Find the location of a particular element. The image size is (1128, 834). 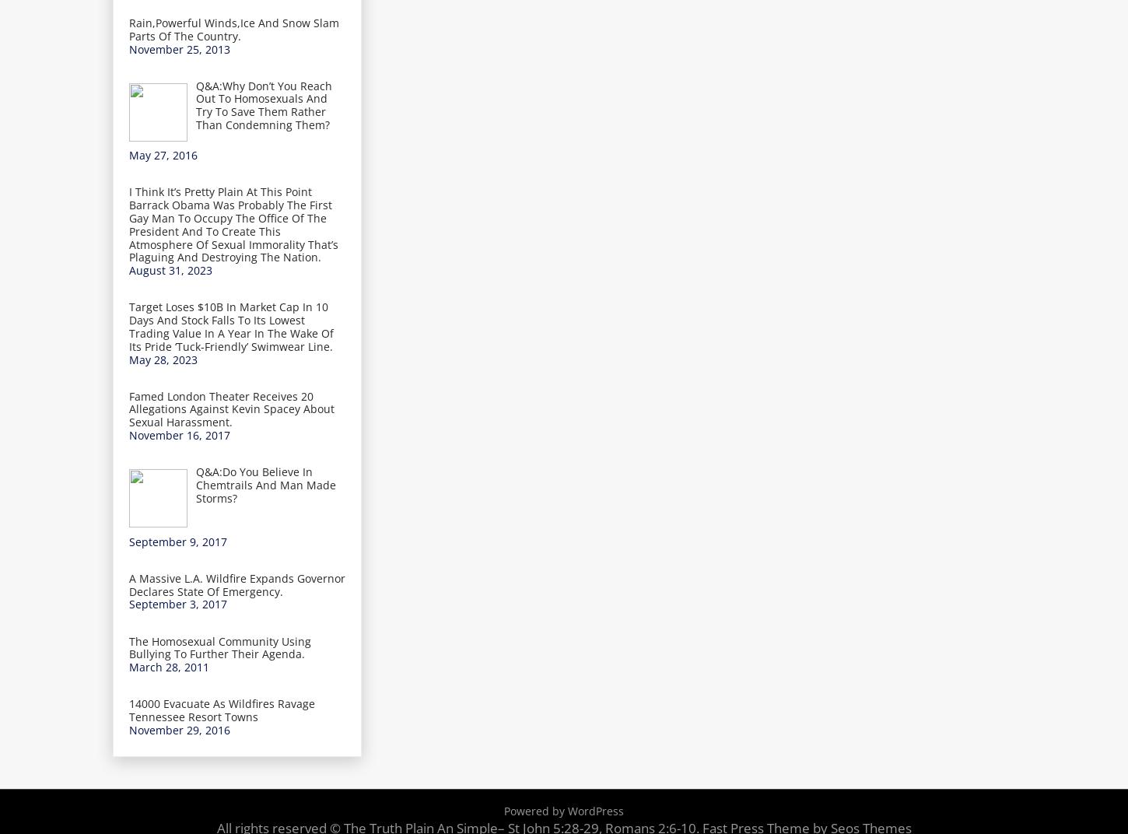

'March 28, 2011' is located at coordinates (168, 666).